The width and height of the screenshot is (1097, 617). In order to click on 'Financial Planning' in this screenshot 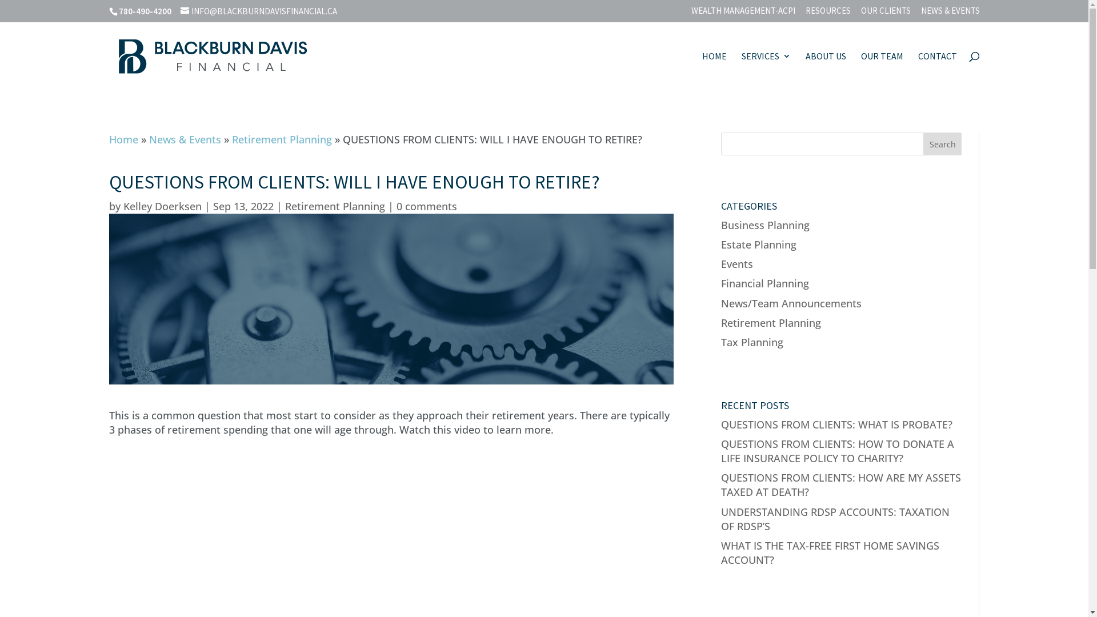, I will do `click(765, 283)`.